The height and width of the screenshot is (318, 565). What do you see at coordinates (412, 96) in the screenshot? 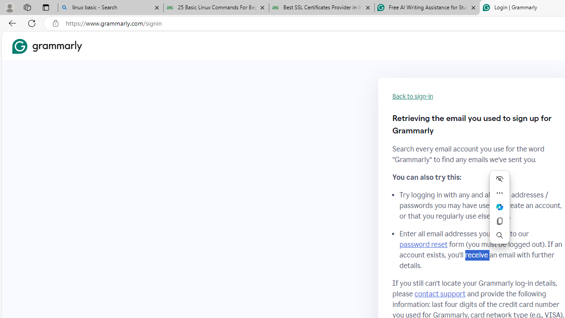
I see `'Back to sign-in'` at bounding box center [412, 96].